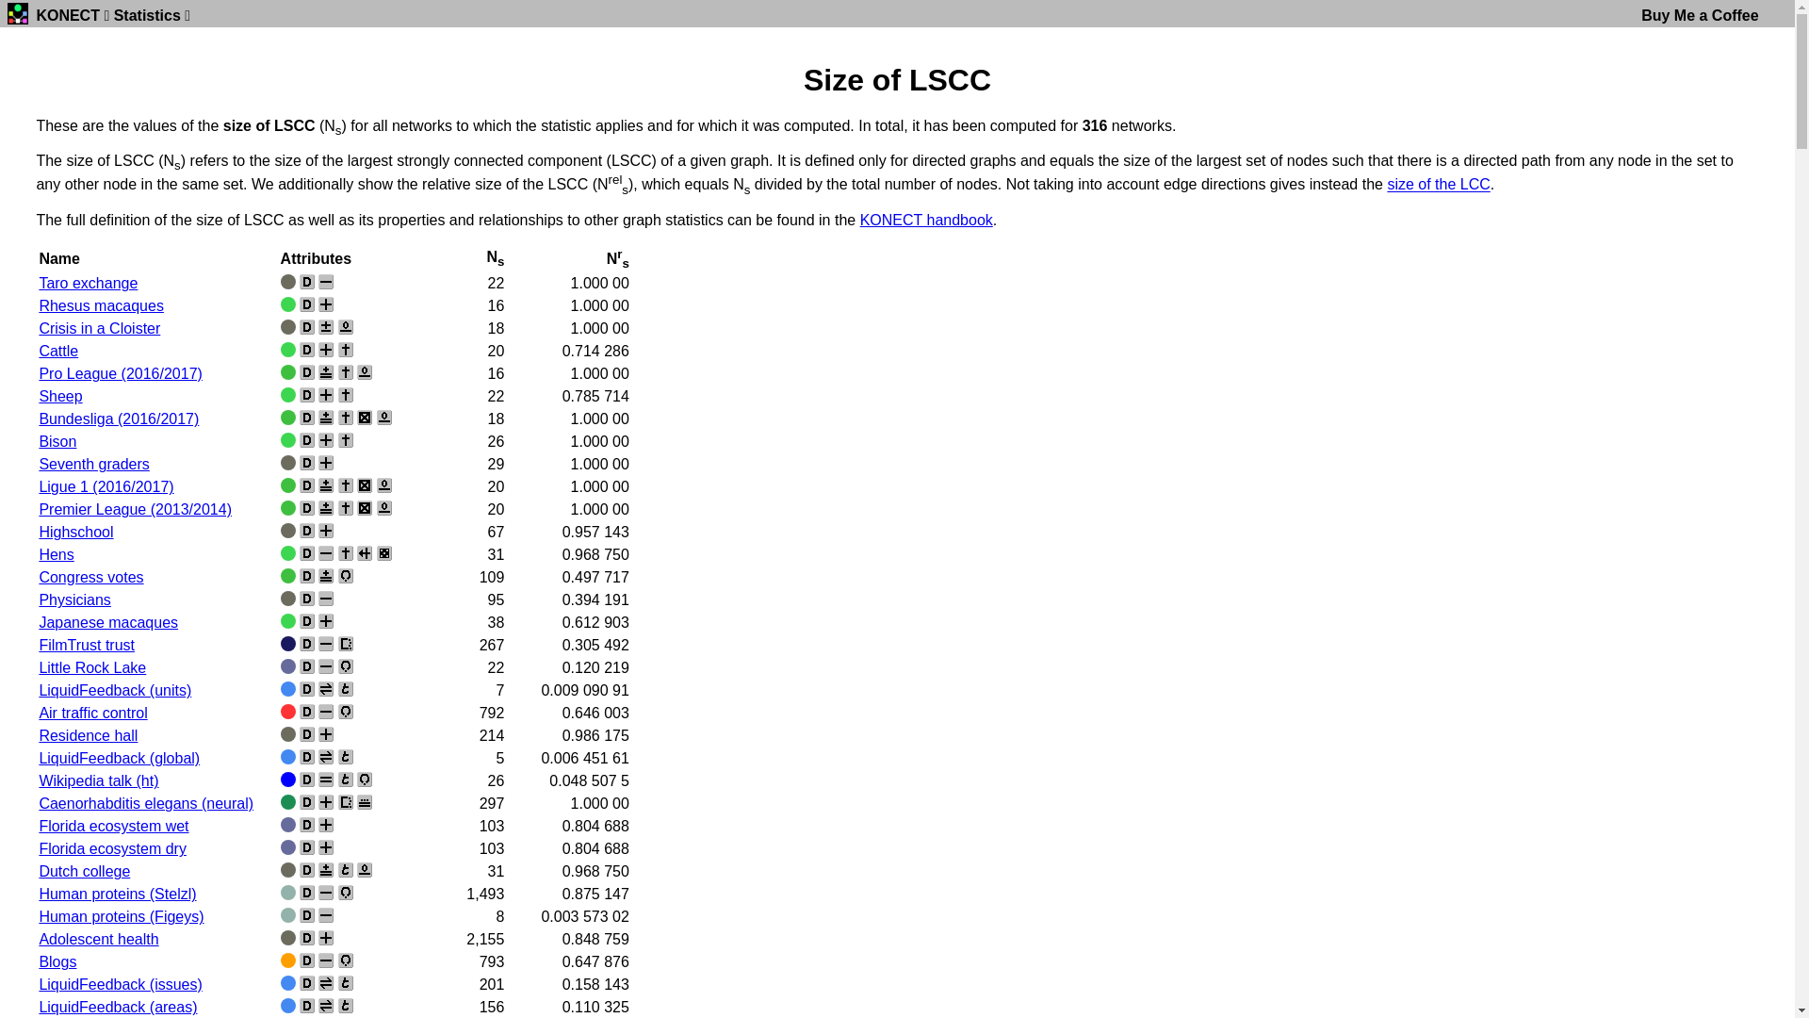  What do you see at coordinates (298, 304) in the screenshot?
I see `'Unipartite, directed'` at bounding box center [298, 304].